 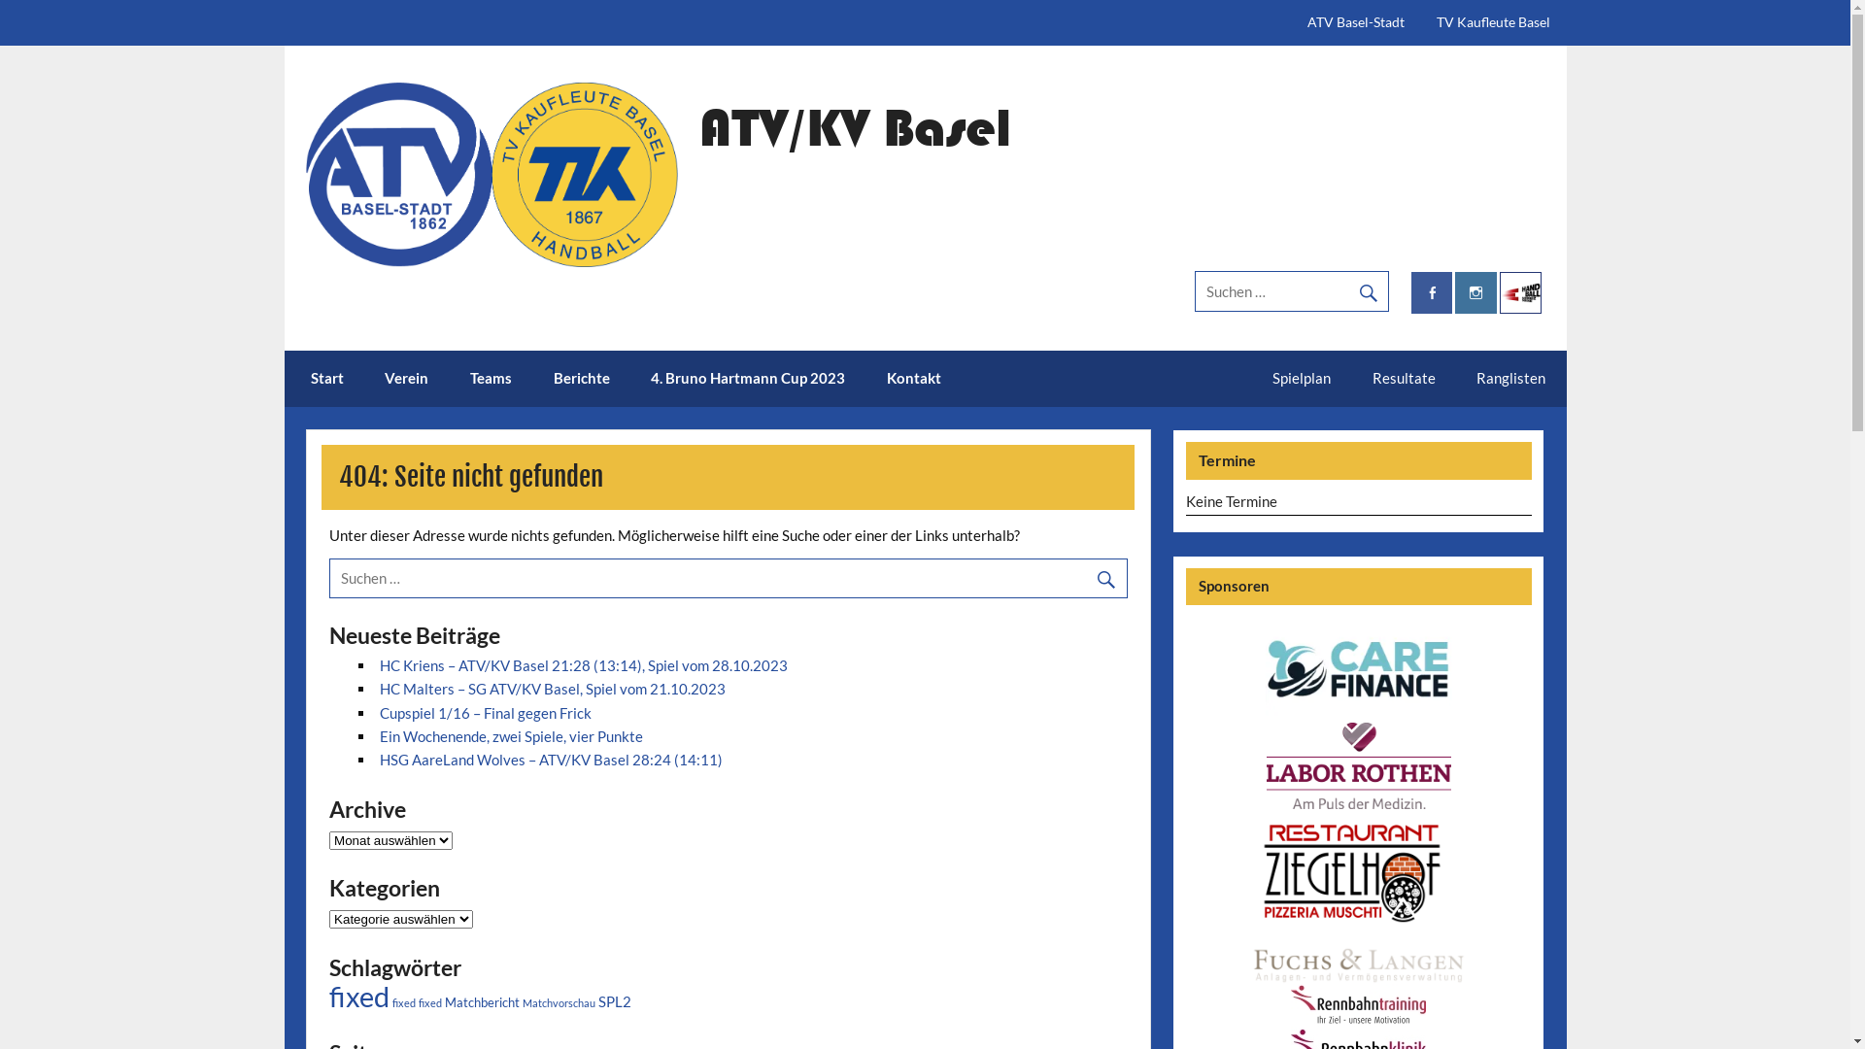 What do you see at coordinates (390, 1002) in the screenshot?
I see `'fixed'` at bounding box center [390, 1002].